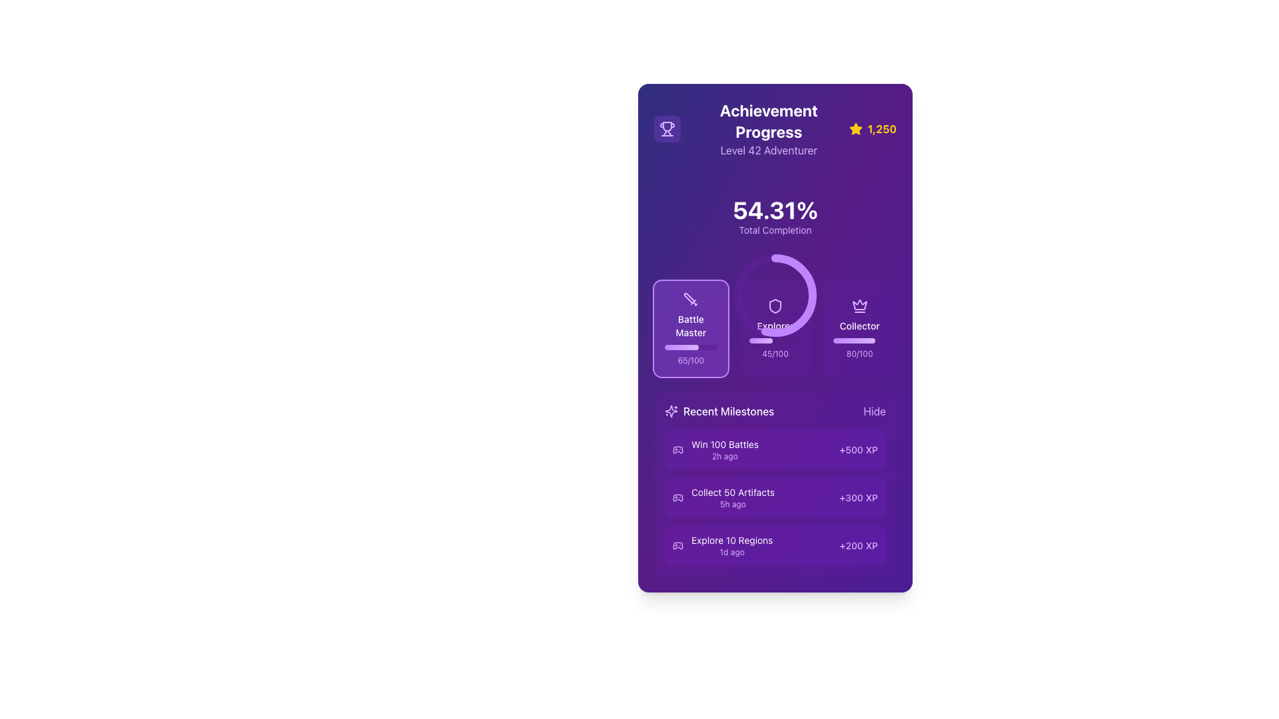 The image size is (1279, 719). What do you see at coordinates (882, 128) in the screenshot?
I see `value displayed in the bold yellow text label showing '1,250', located to the right of a yellow star icon on the top-right of a purple card interface` at bounding box center [882, 128].